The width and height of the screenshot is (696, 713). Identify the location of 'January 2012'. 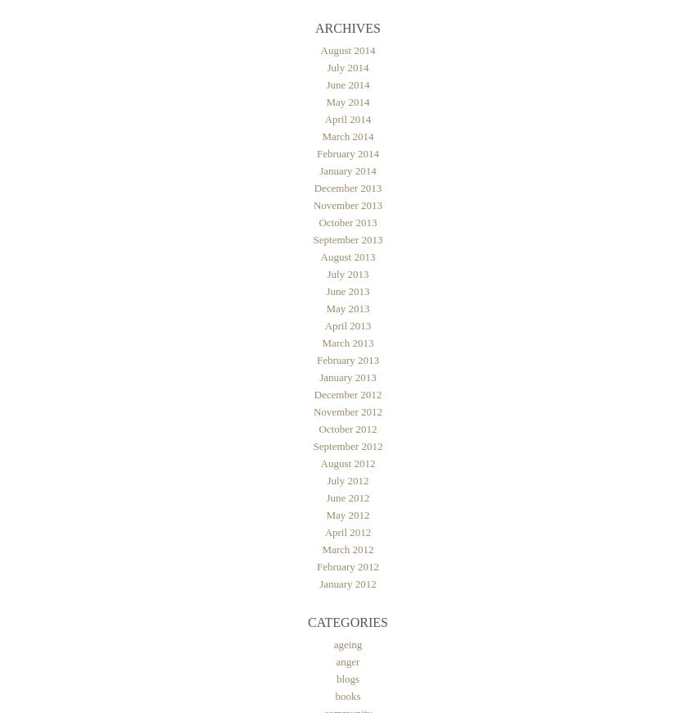
(347, 584).